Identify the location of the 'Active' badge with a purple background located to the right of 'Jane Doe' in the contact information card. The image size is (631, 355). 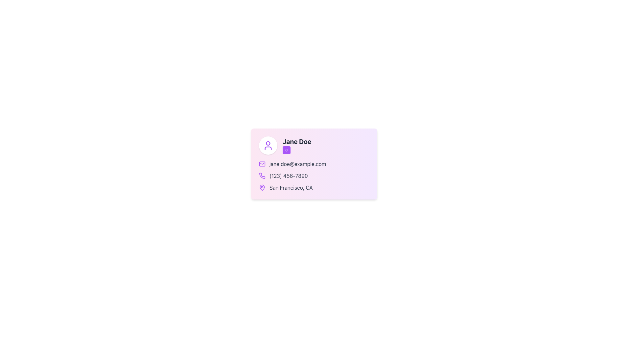
(287, 150).